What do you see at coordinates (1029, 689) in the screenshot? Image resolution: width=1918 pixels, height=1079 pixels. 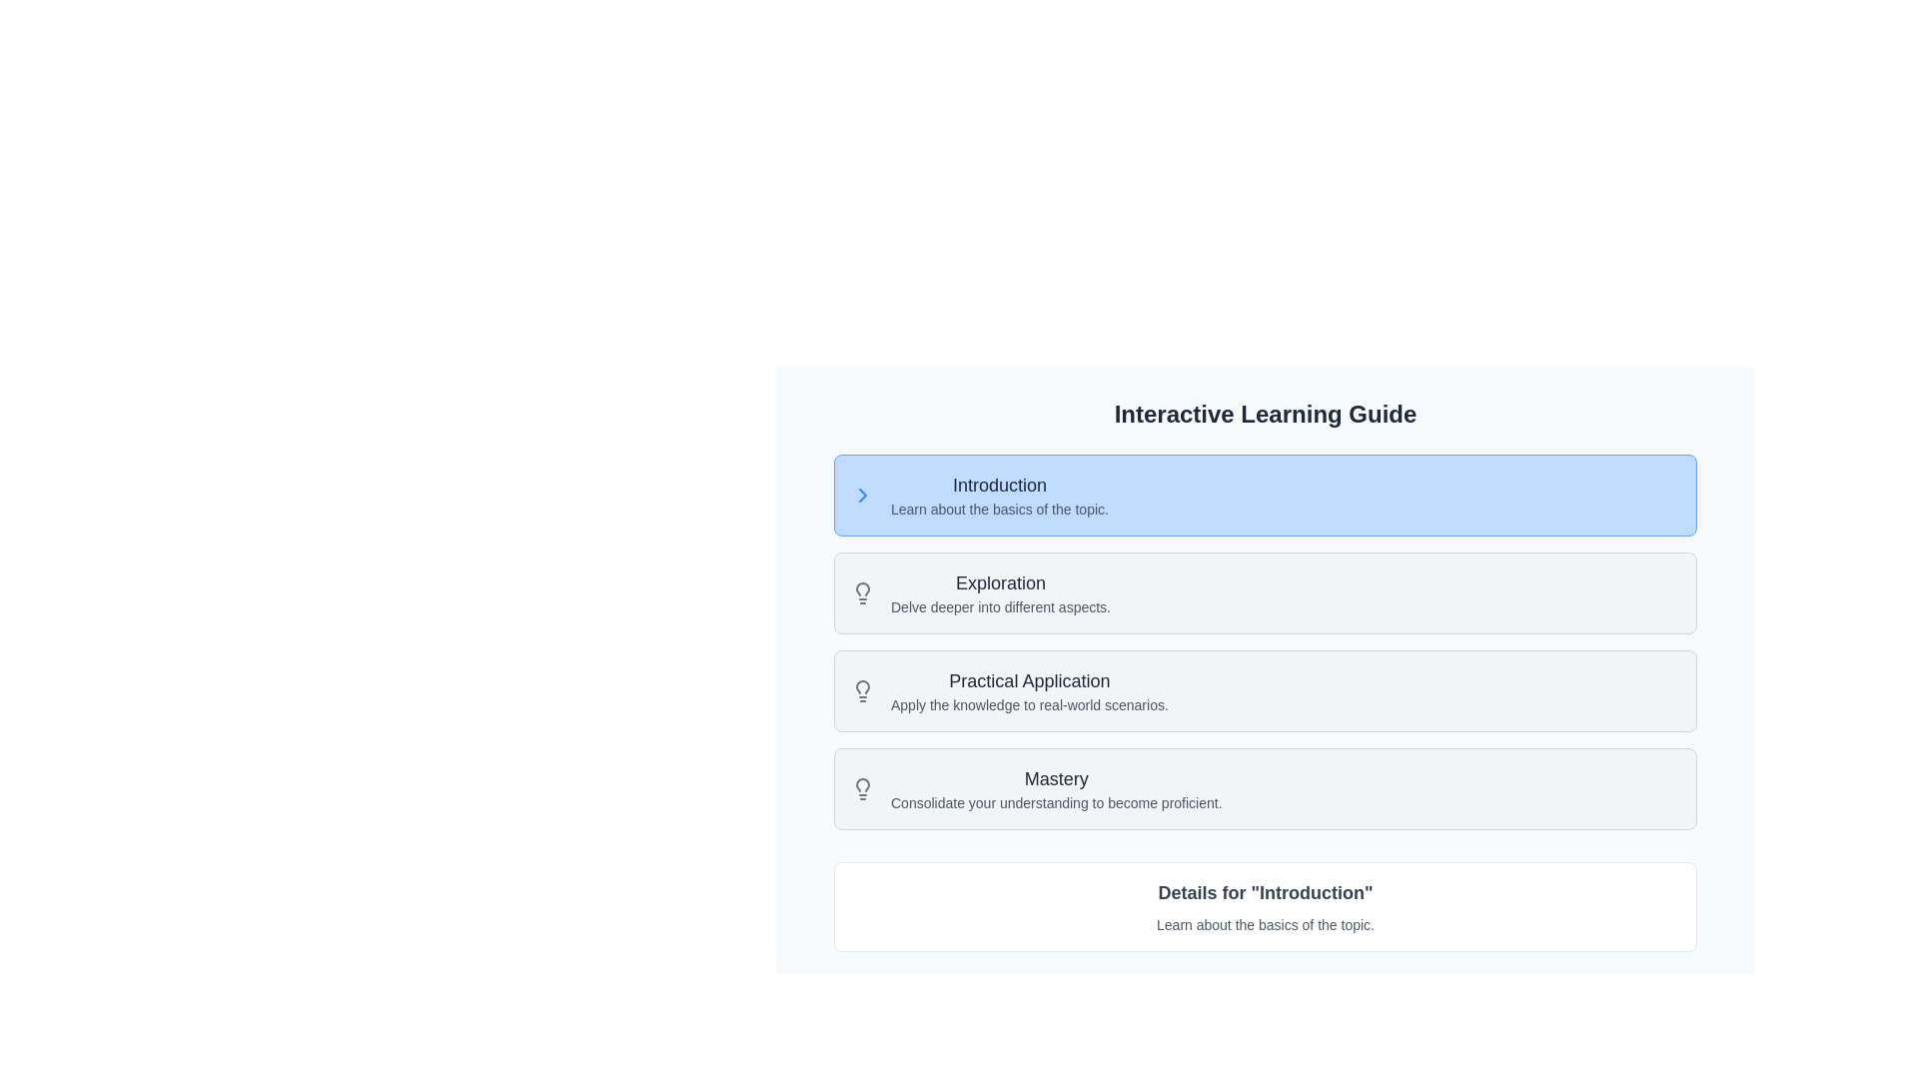 I see `the 'Practical Application' text block` at bounding box center [1029, 689].